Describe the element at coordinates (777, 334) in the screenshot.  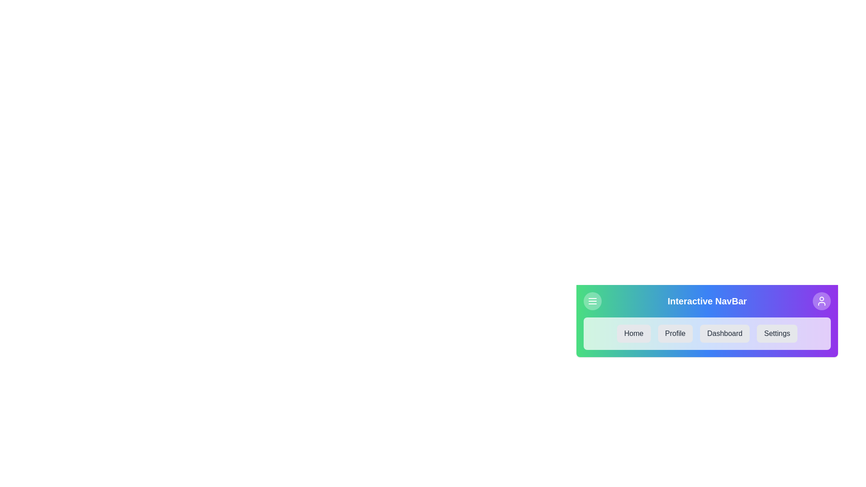
I see `the navigation link labeled Settings` at that location.